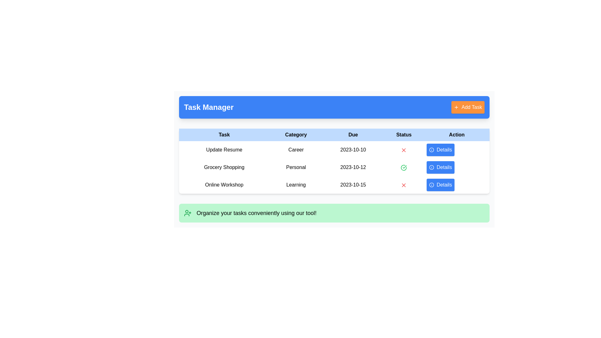 The width and height of the screenshot is (601, 338). What do you see at coordinates (209, 107) in the screenshot?
I see `displayed text 'Task Manager' from the header styled in bold font located in the blue background region at the top of the interface` at bounding box center [209, 107].